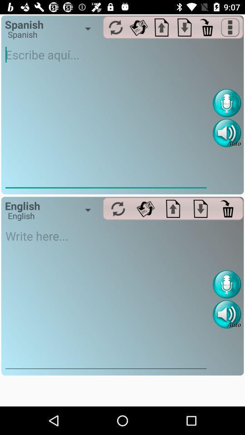  Describe the element at coordinates (228, 208) in the screenshot. I see `the delete icon` at that location.